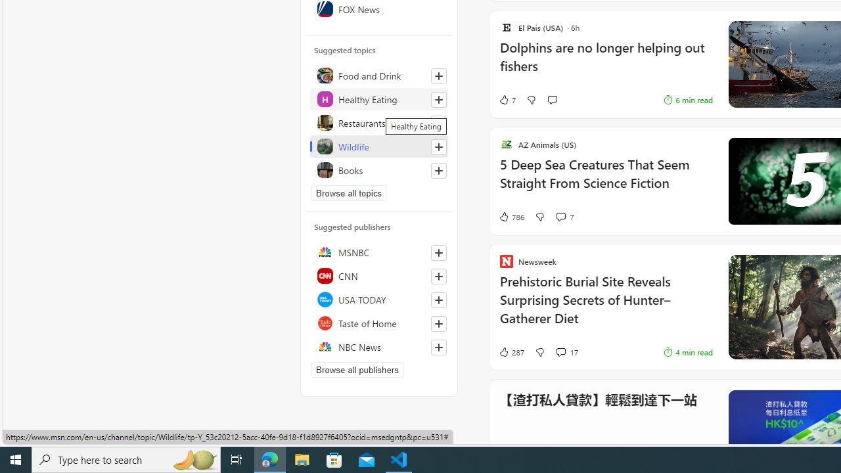 Image resolution: width=841 pixels, height=473 pixels. What do you see at coordinates (560, 351) in the screenshot?
I see `'View comments 17 Comment'` at bounding box center [560, 351].